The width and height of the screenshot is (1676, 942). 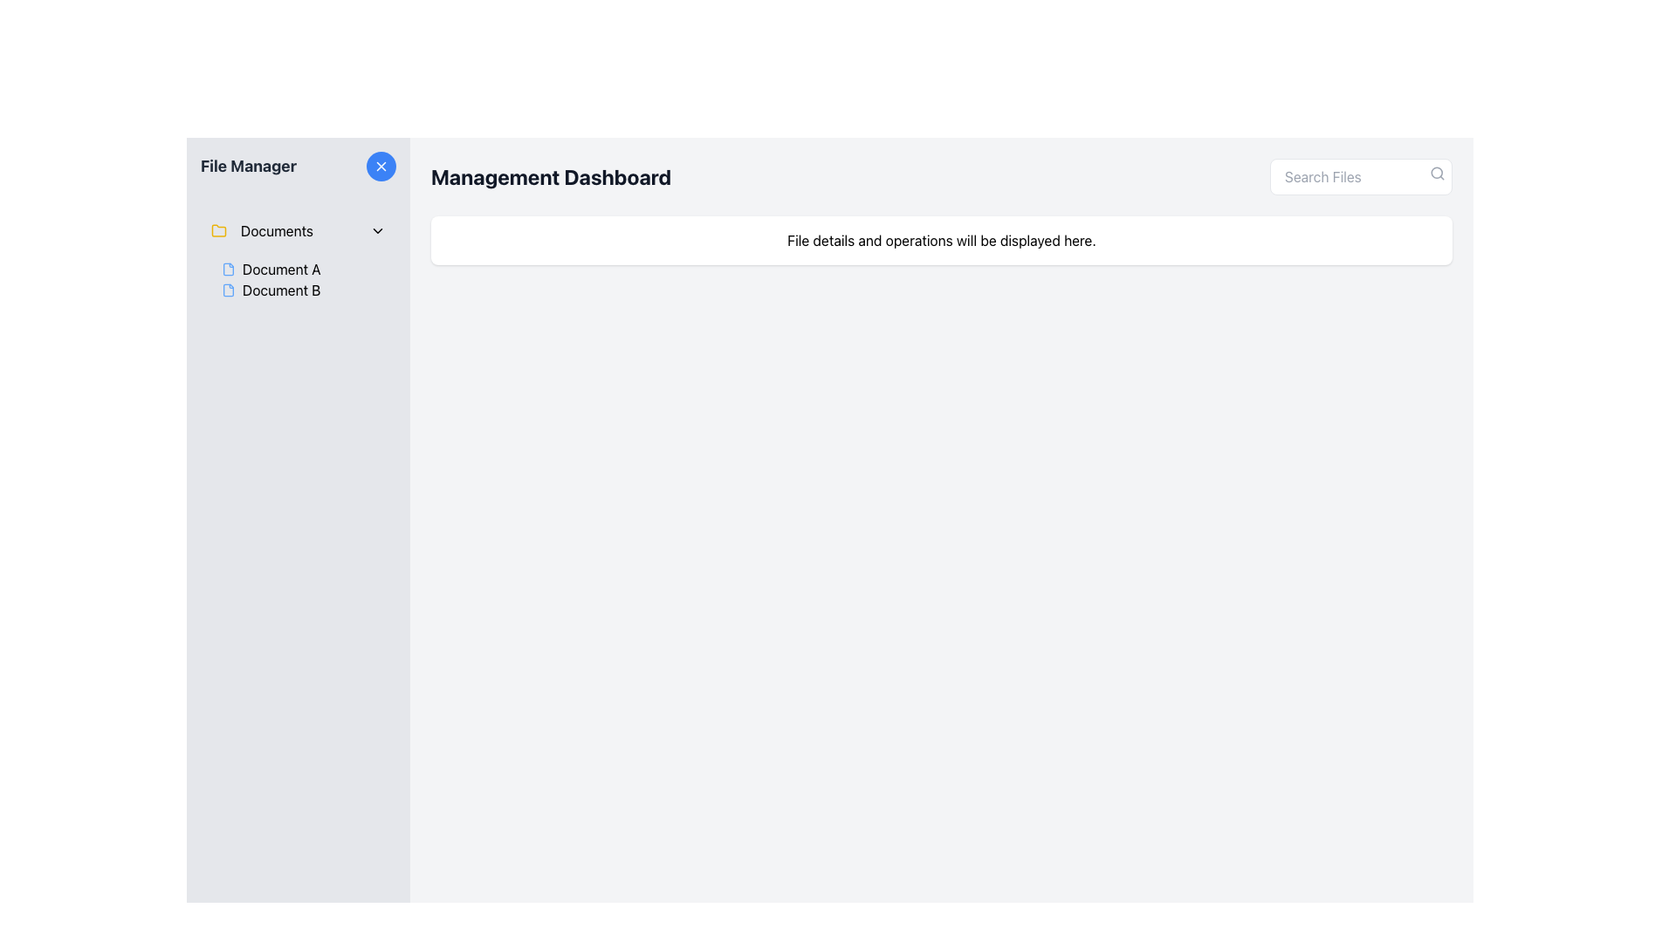 I want to click on the 'Document B' label with a blue file icon, so click(x=309, y=289).